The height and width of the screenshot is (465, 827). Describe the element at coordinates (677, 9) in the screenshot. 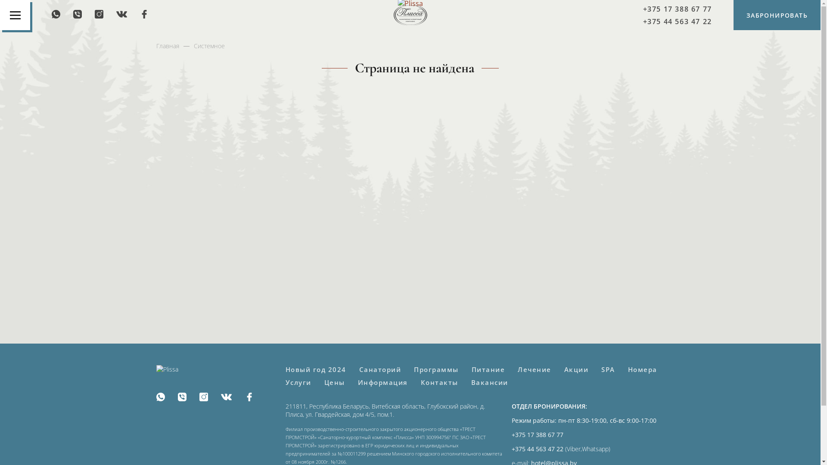

I see `'+375 17 388 67 77'` at that location.